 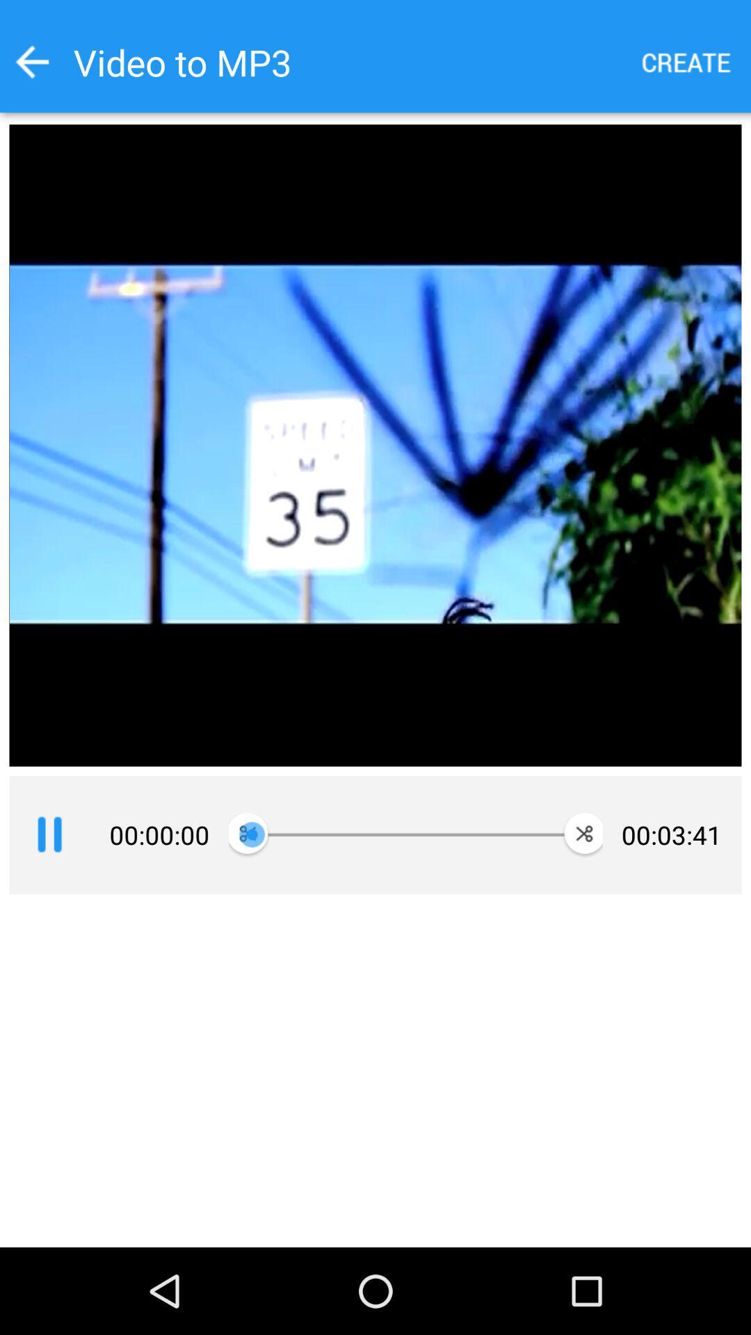 I want to click on the new video, so click(x=686, y=61).